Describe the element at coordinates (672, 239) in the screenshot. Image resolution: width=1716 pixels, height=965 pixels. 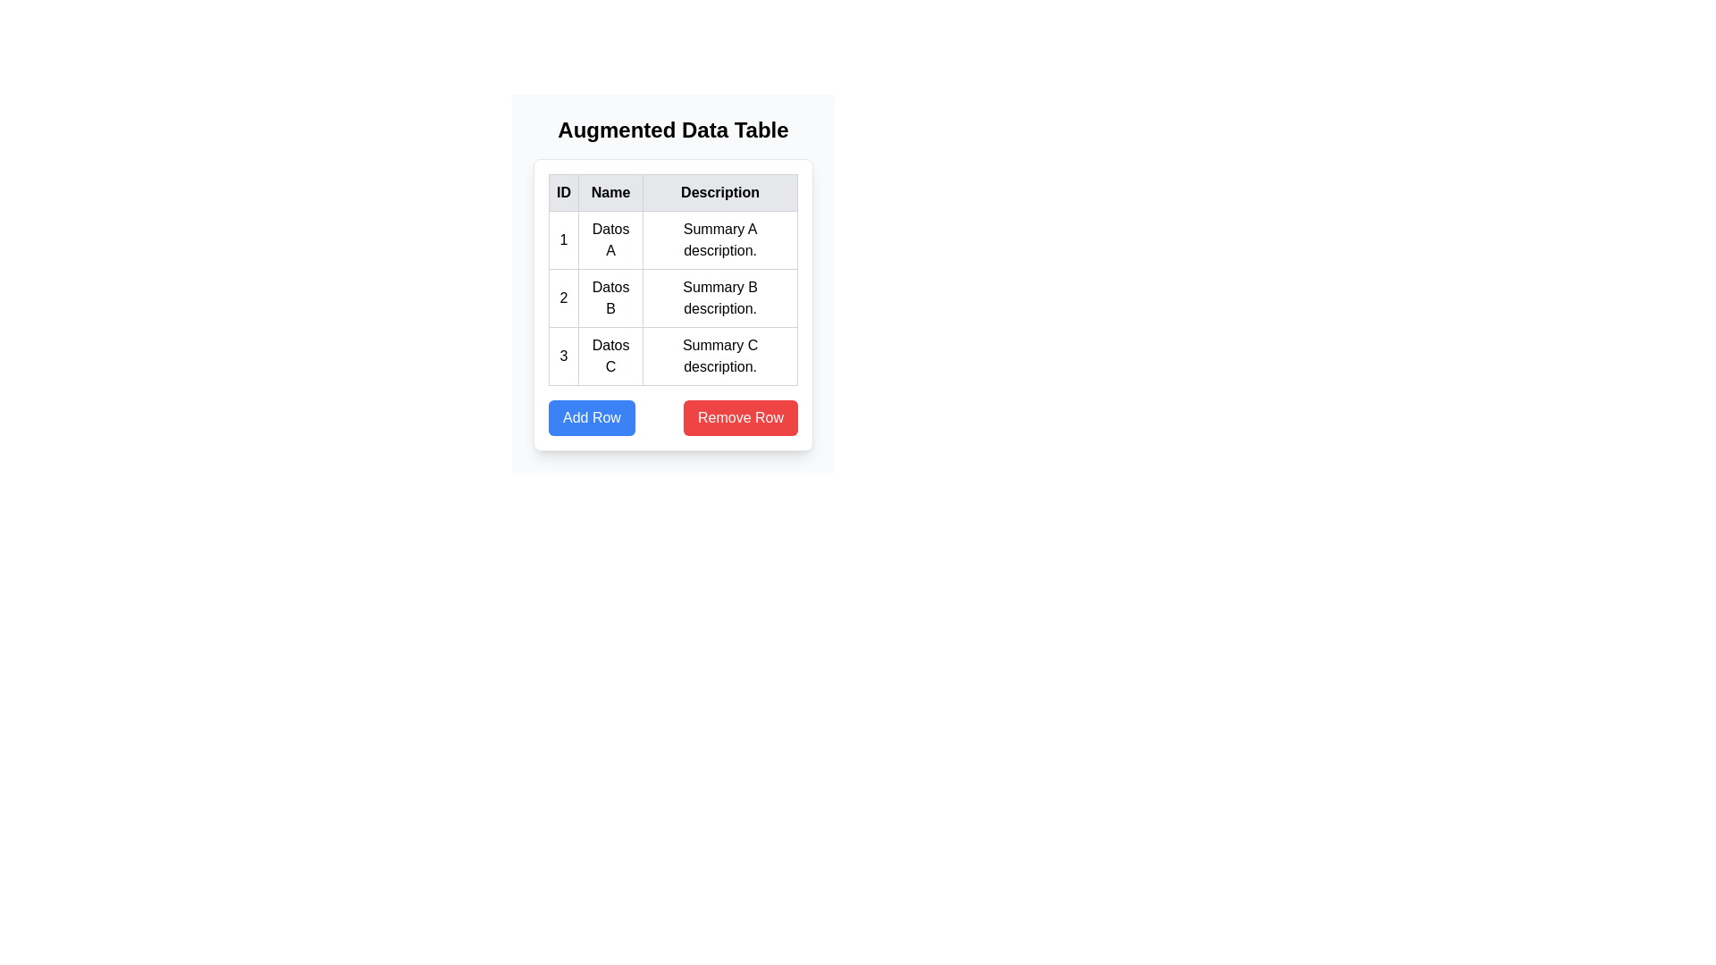
I see `the row corresponding to 1` at that location.